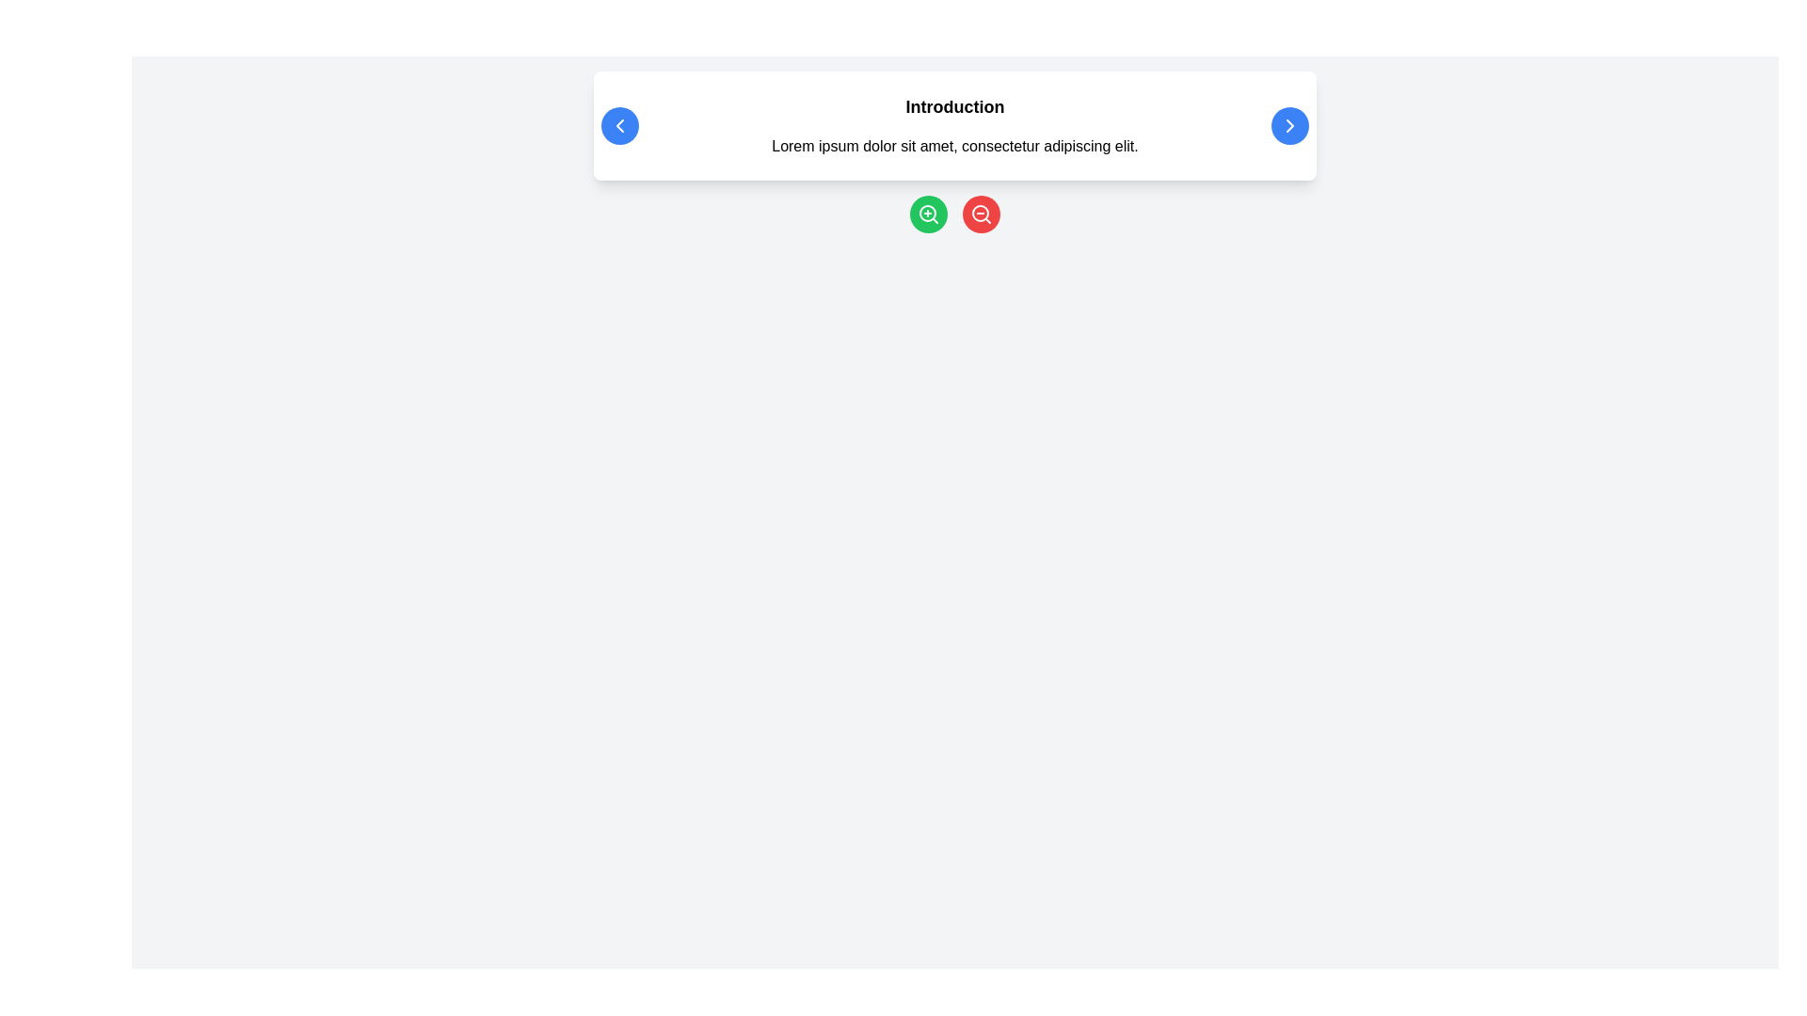  What do you see at coordinates (929, 213) in the screenshot?
I see `the zoom-in icon button, which features a magnifying glass with a plus sign in a circular green button, located in the lower center of the interface` at bounding box center [929, 213].